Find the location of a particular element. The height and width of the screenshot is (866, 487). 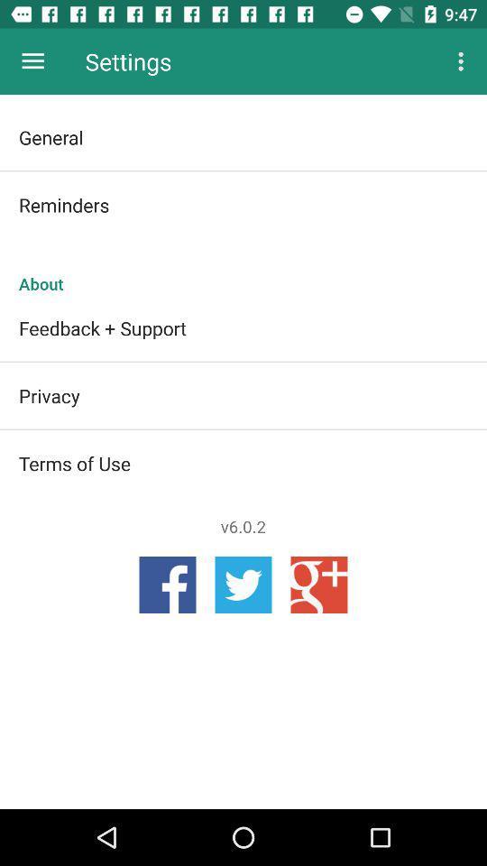

icon above the general icon is located at coordinates (32, 61).